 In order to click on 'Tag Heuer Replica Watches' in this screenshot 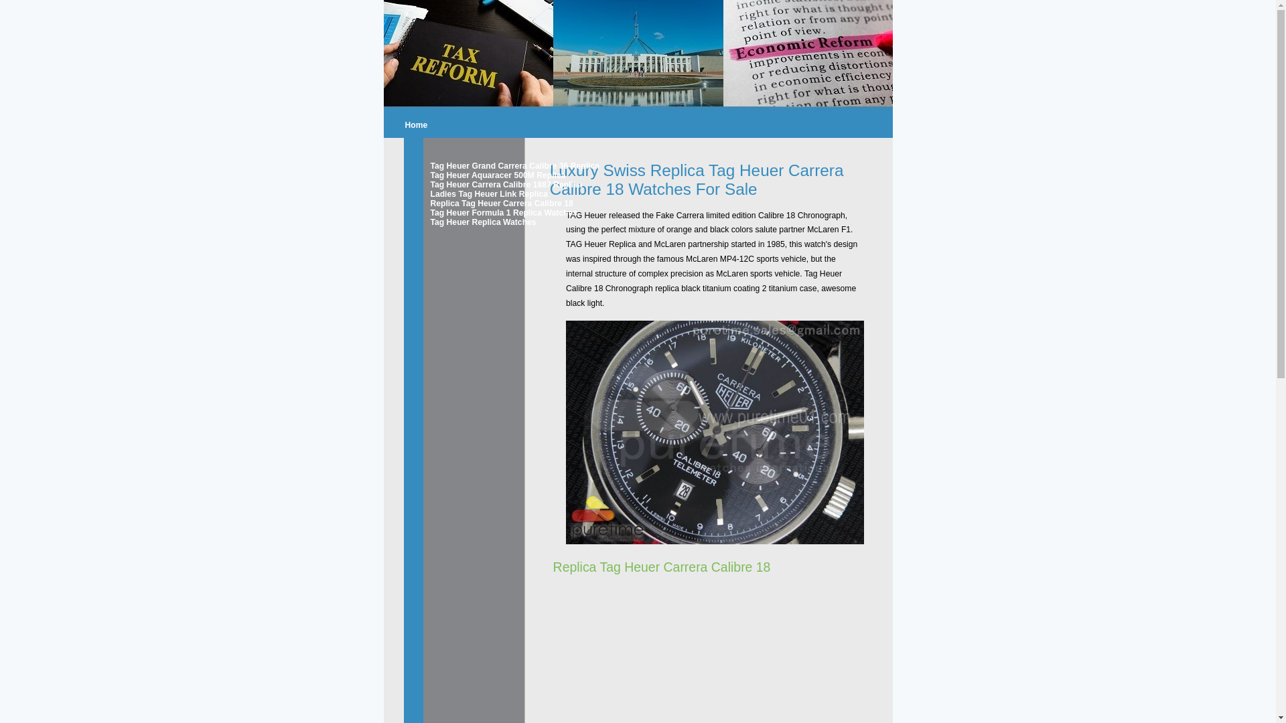, I will do `click(430, 221)`.